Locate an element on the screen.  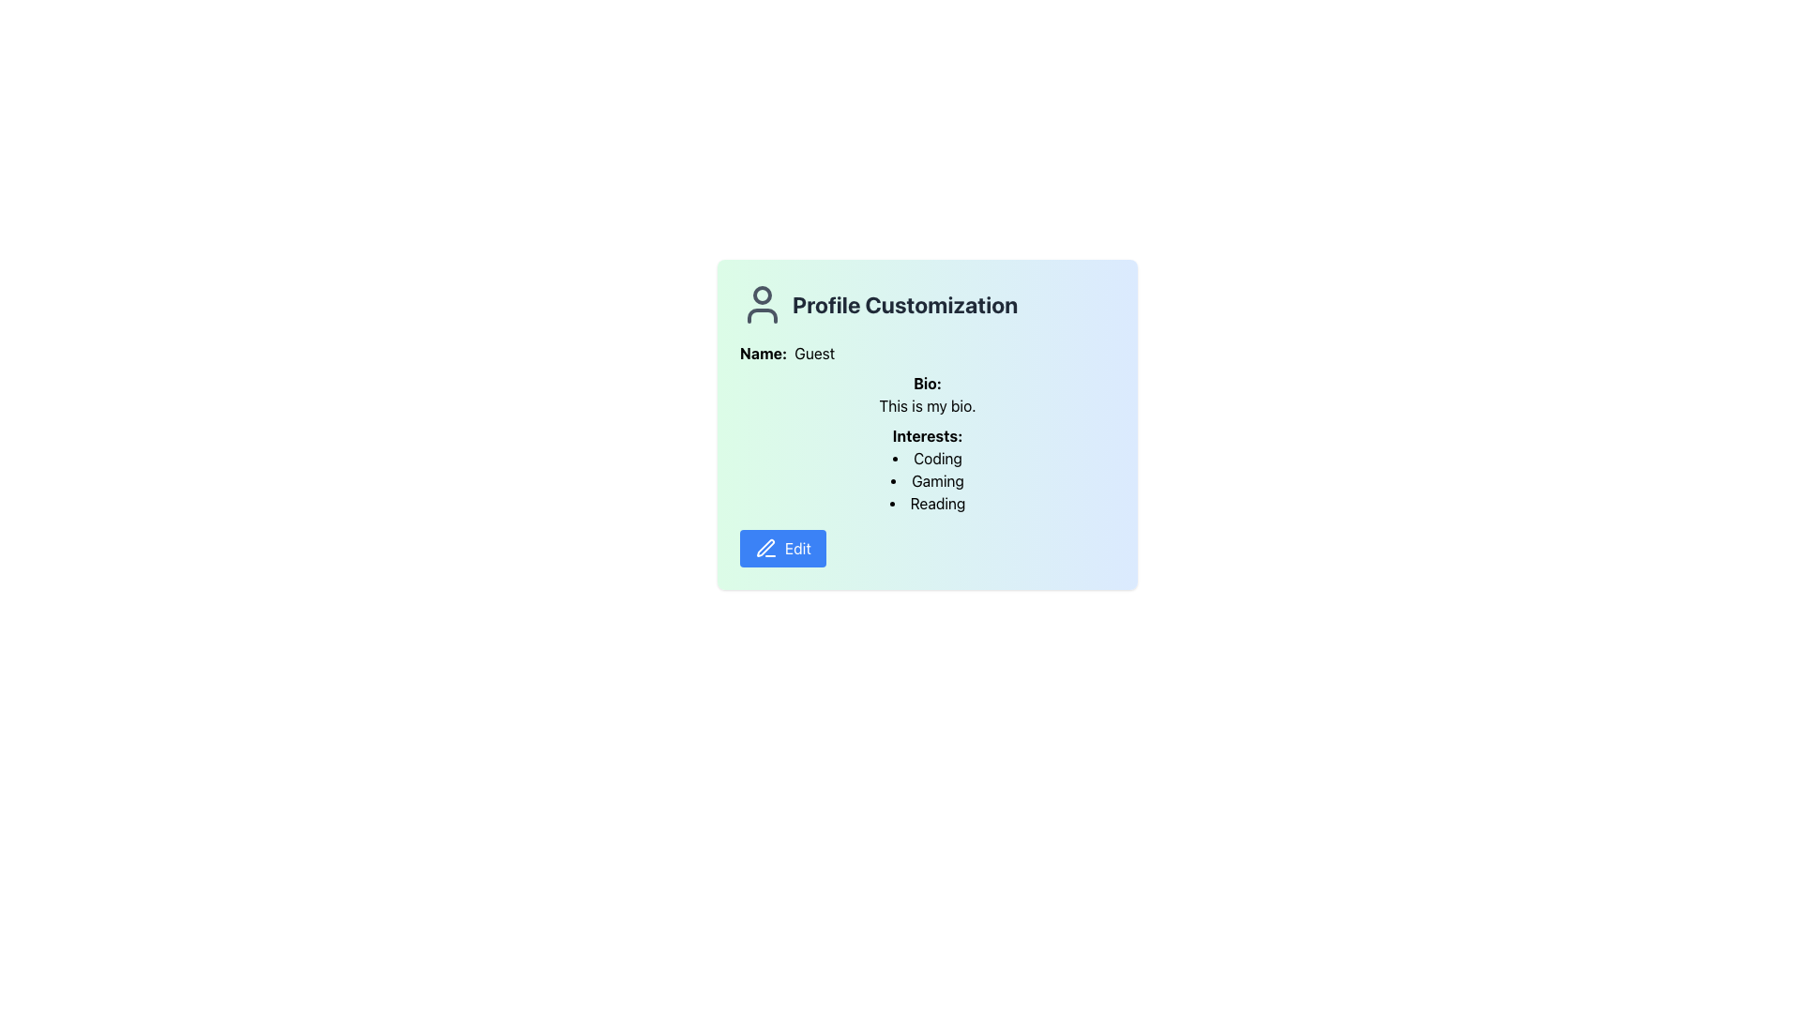
the descriptive text label located above and aligned to the left of the interests list, which includes 'Coding', 'Gaming', and 'Reading' is located at coordinates (927, 436).